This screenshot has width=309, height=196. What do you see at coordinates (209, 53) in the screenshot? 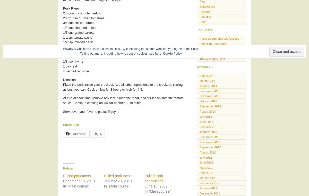
I see `'Turkey goulash'` at bounding box center [209, 53].